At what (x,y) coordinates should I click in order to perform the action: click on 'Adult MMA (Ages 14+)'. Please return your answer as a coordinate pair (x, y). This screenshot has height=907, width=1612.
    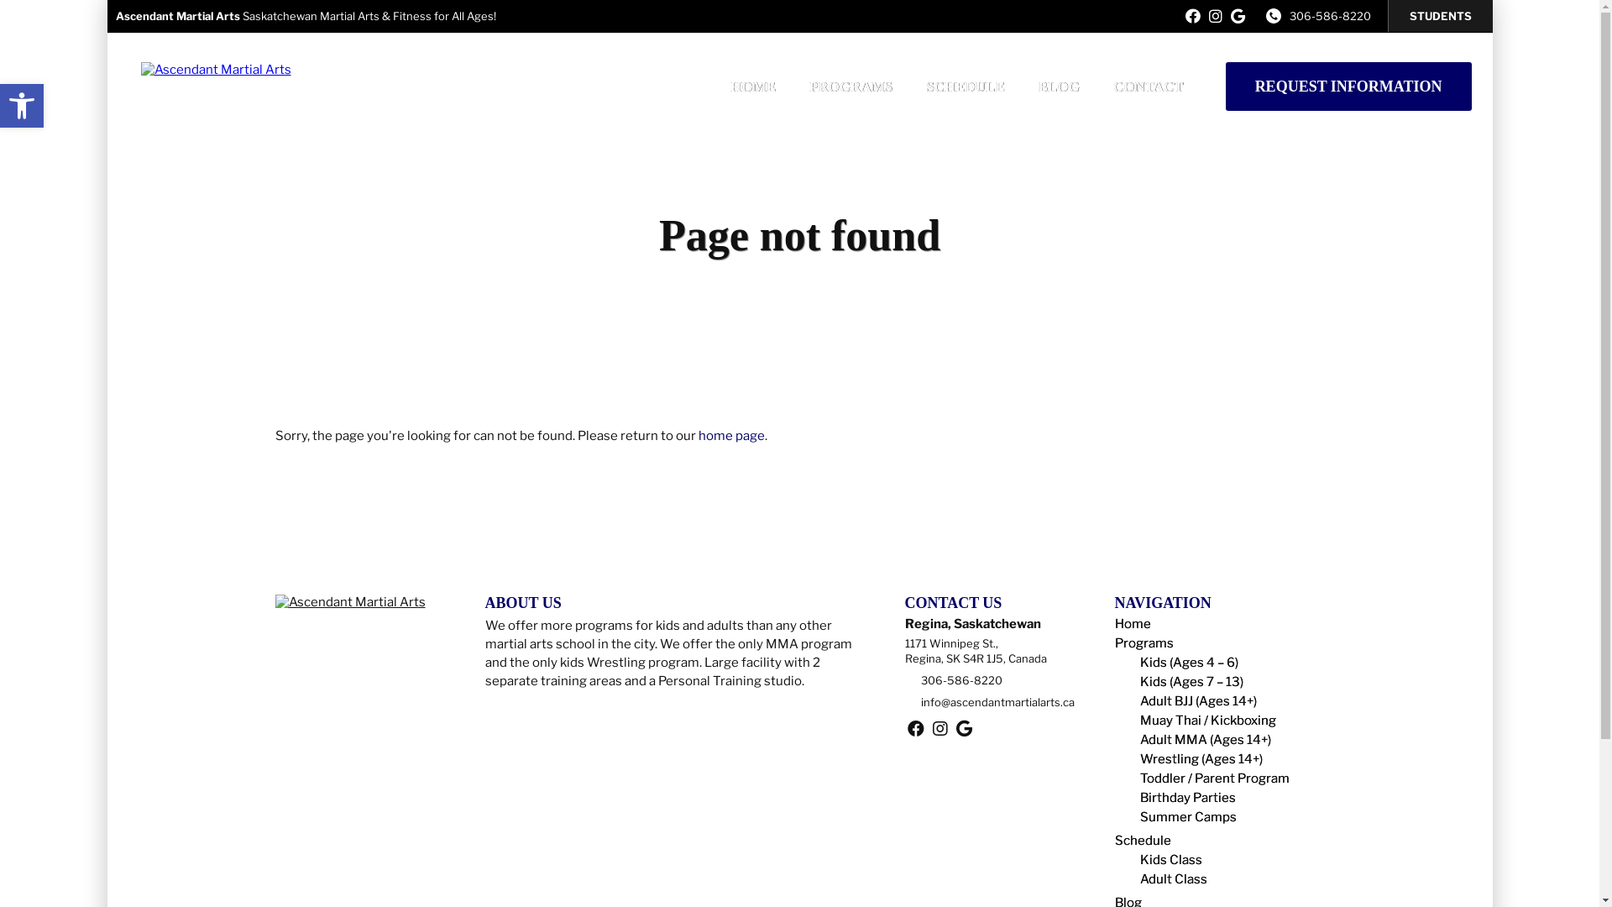
    Looking at the image, I should click on (1204, 738).